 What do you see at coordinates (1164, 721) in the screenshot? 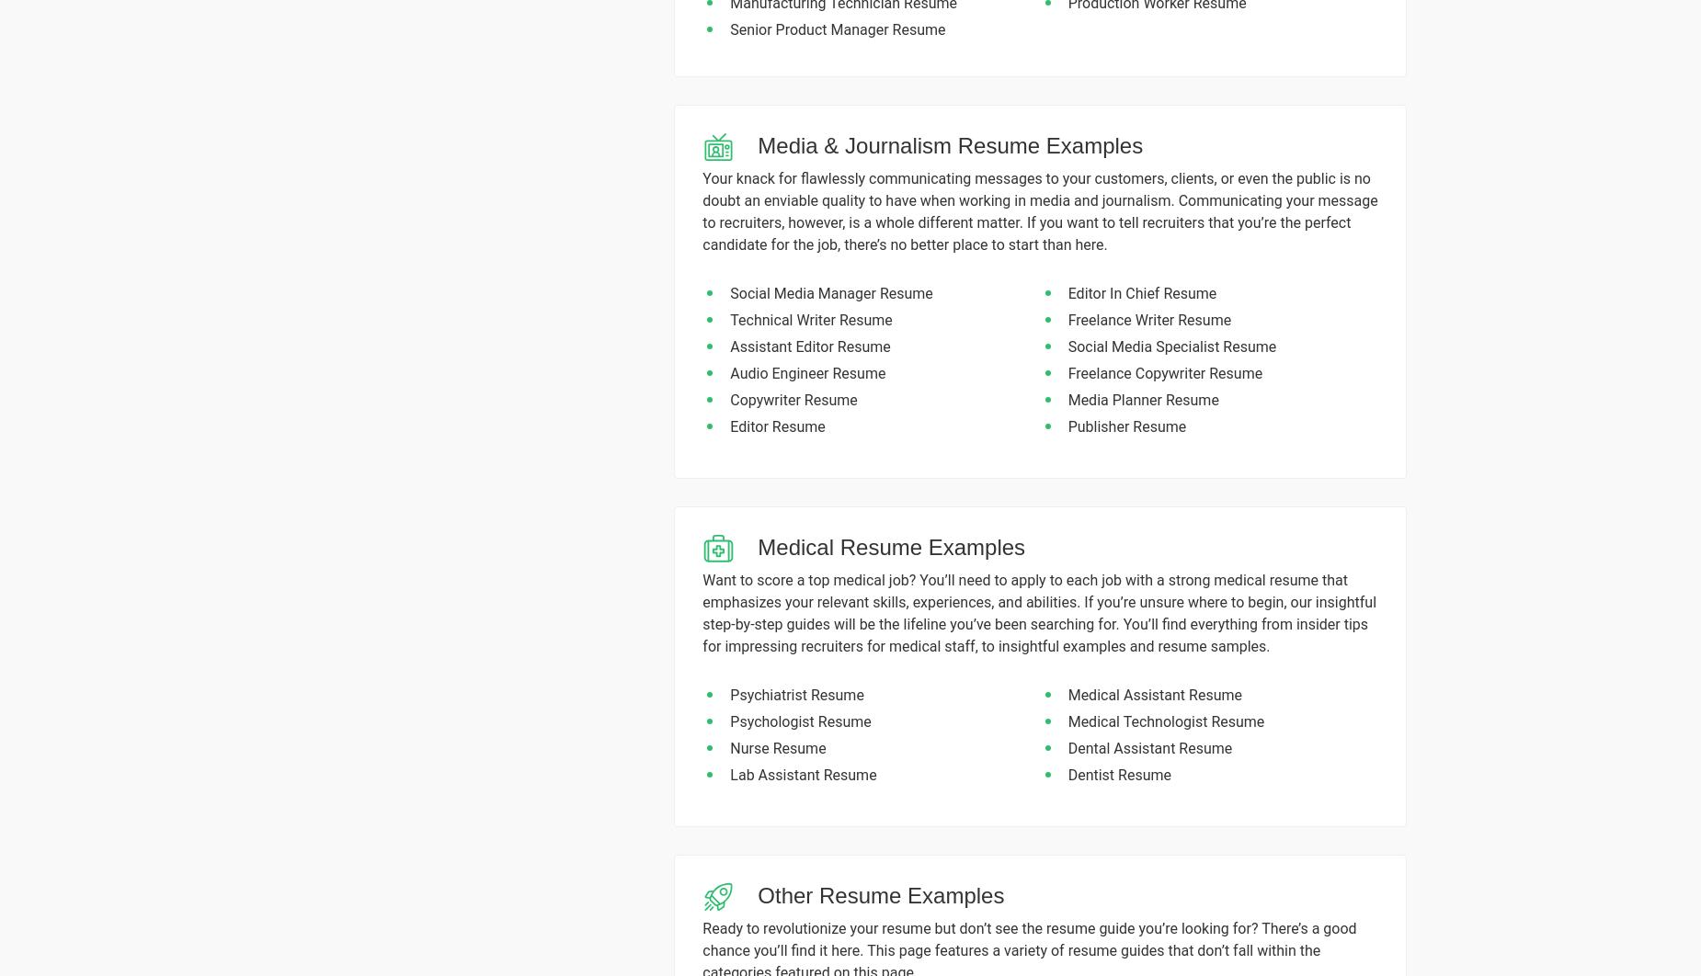
I see `'Medical Technologist Resume'` at bounding box center [1164, 721].